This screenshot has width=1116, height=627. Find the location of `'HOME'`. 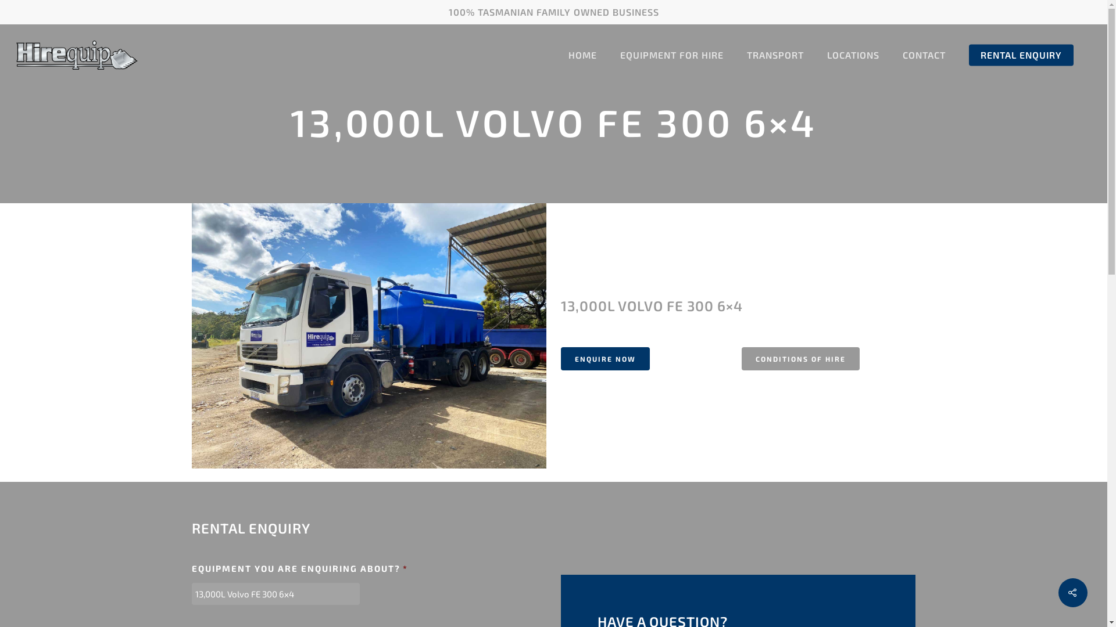

'HOME' is located at coordinates (582, 55).